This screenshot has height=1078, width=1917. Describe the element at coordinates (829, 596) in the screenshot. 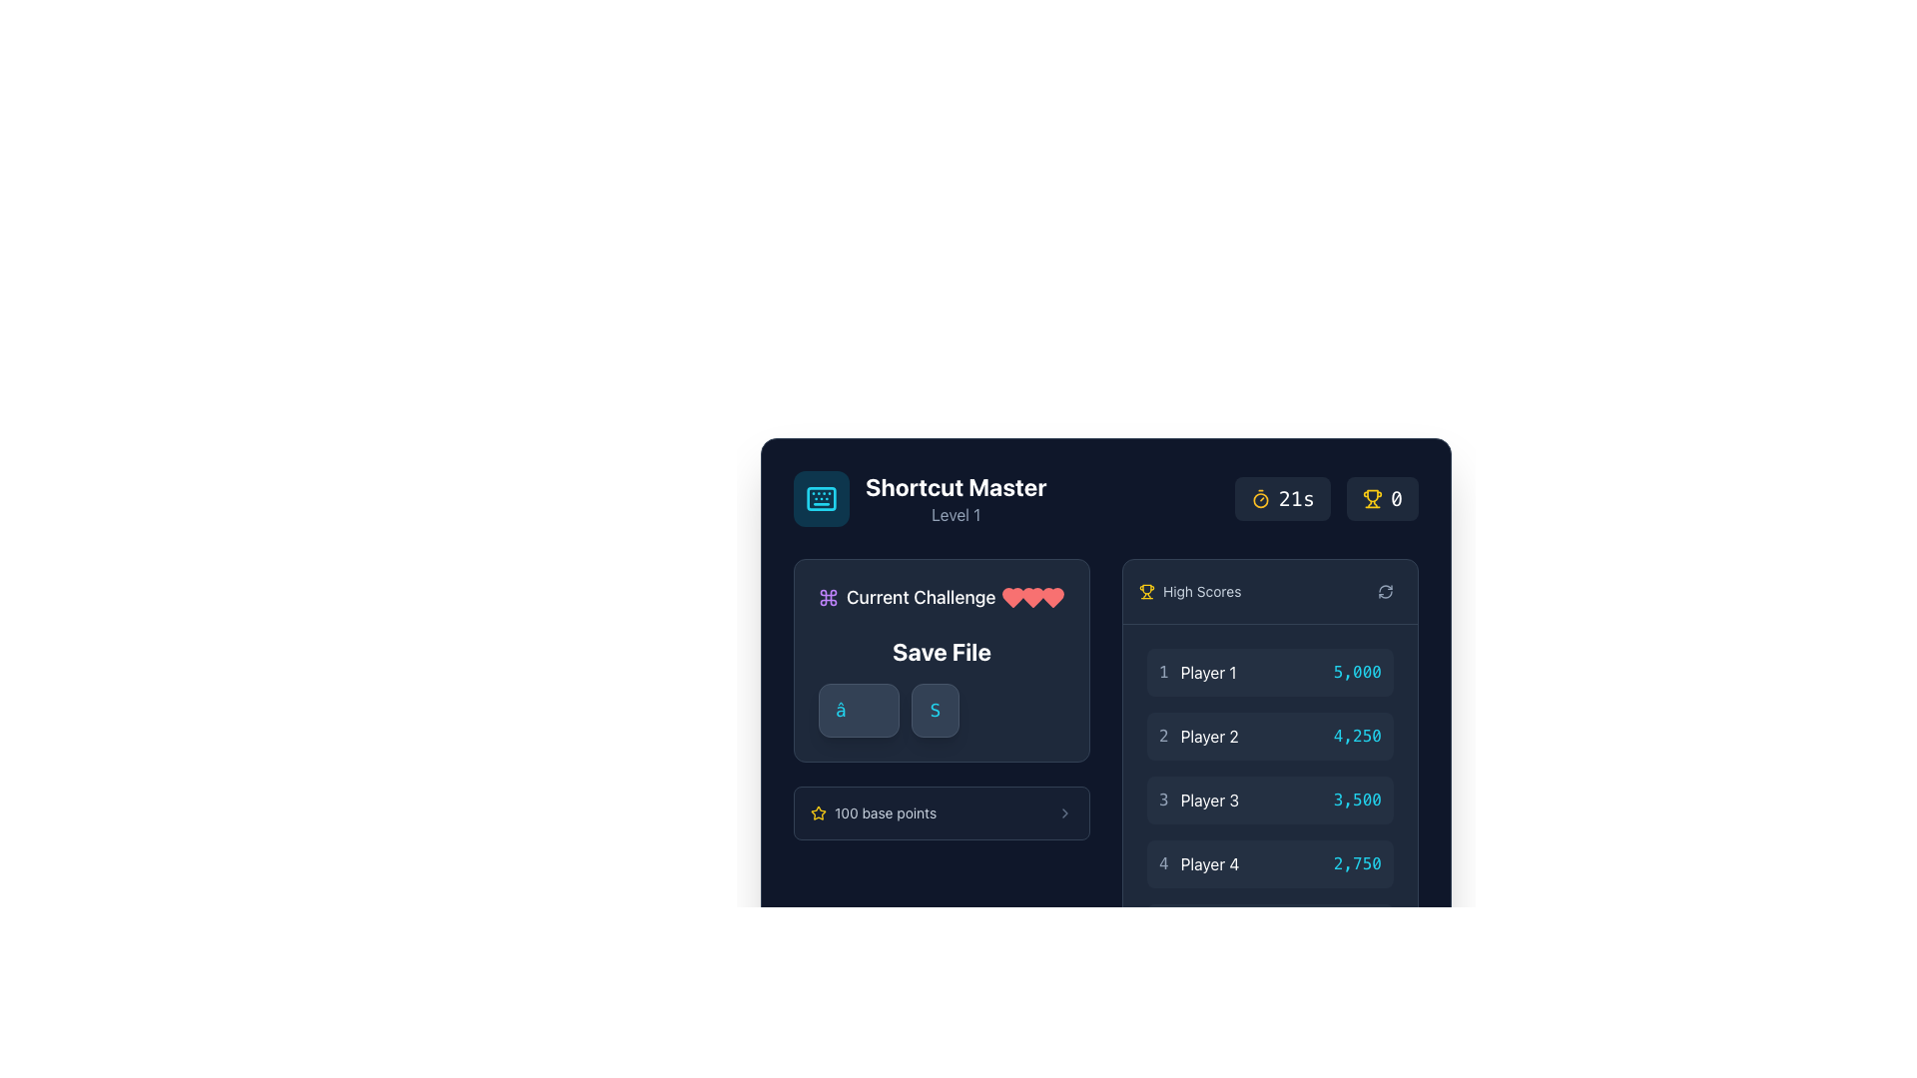

I see `the icon positioned in the upper-left section of the interface, which is directly to the left of the text 'Shortcut Master' and above the descriptor 'Level 1'` at that location.